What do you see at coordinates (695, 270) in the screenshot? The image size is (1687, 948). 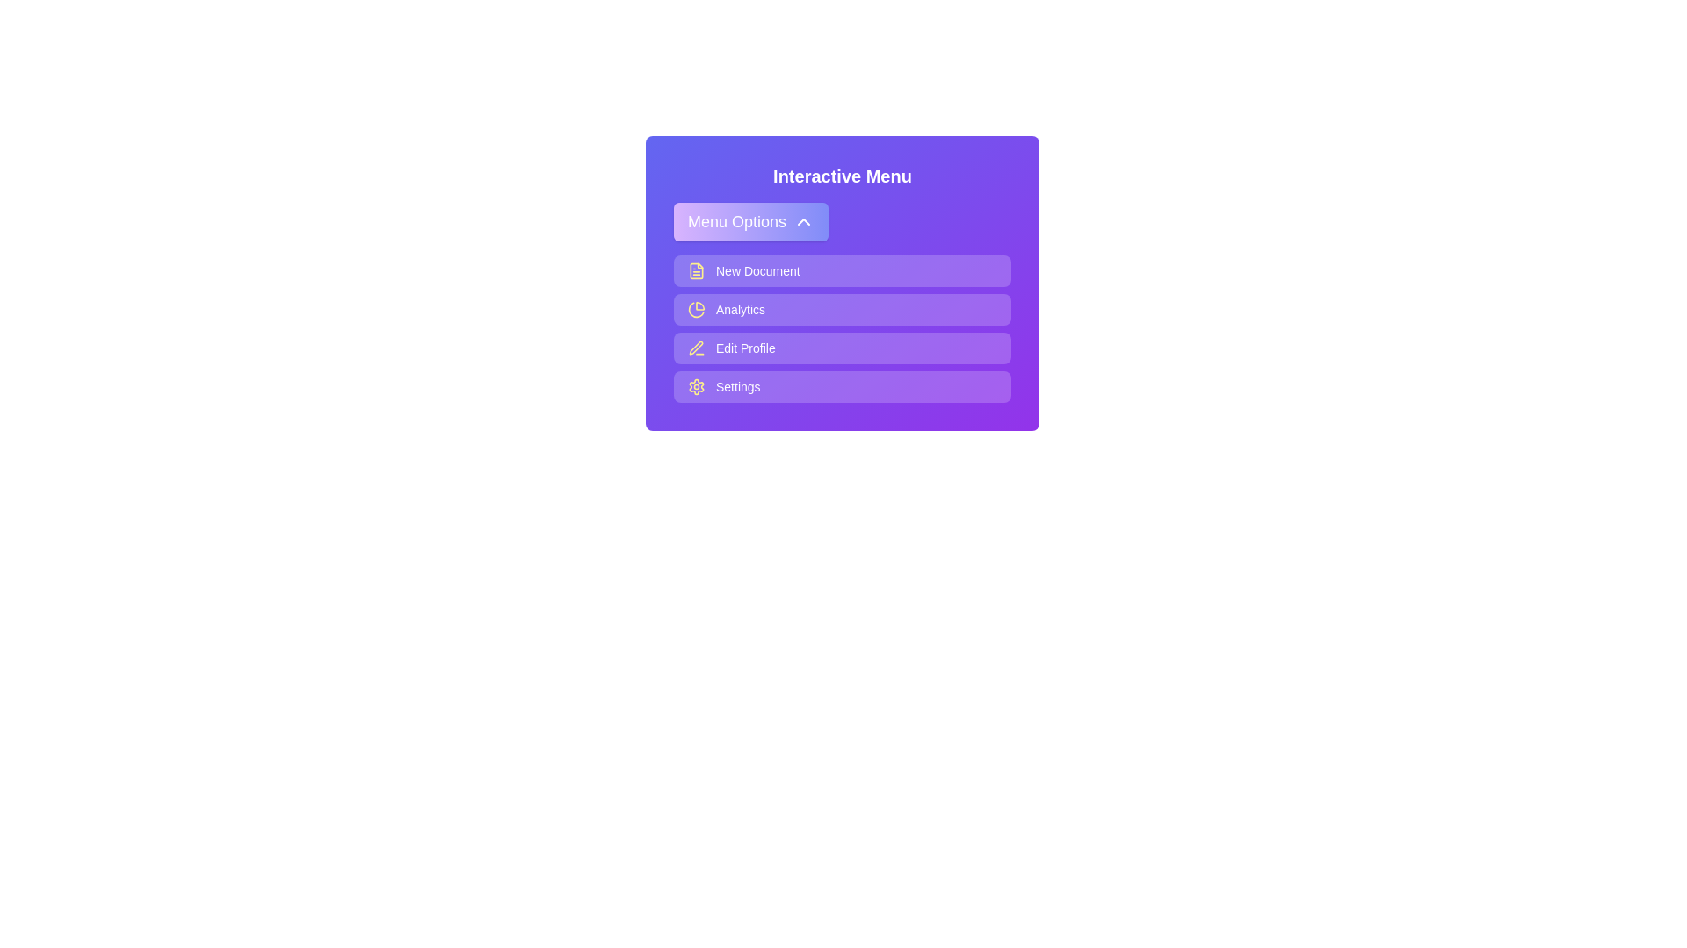 I see `the 'New Document' icon located in the first menu item, which is visually represented by an illustrative icon to the left of the text label` at bounding box center [695, 270].